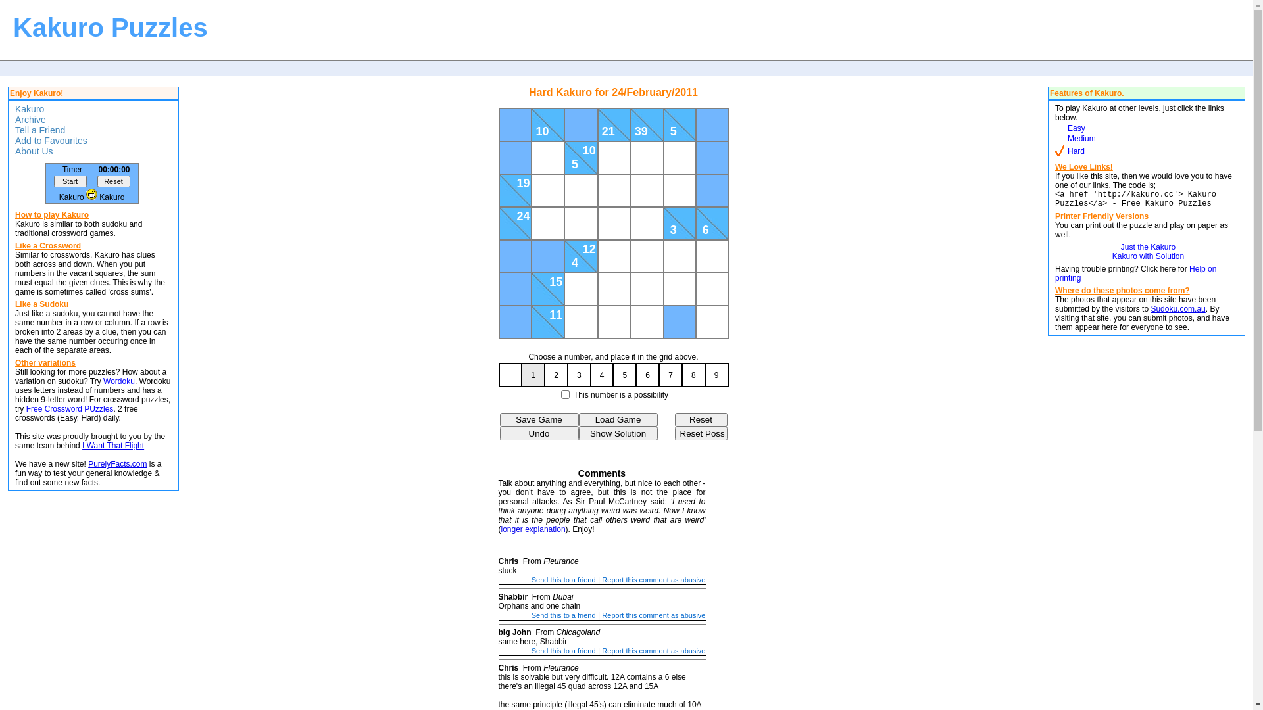 This screenshot has height=710, width=1263. Describe the element at coordinates (12, 130) in the screenshot. I see `'Tell a Friend'` at that location.